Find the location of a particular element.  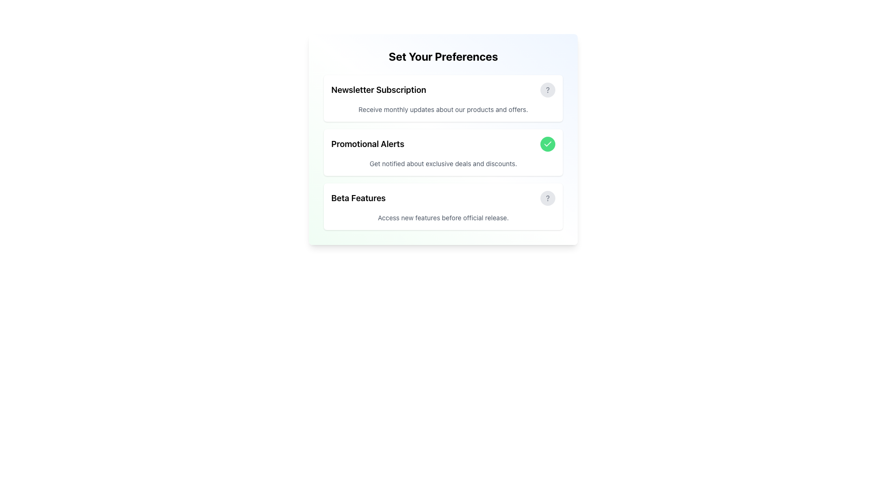

the checkmark icon indicating confirmation for 'Promotional Alerts' located to the right of the text in the settings interface is located at coordinates (548, 144).